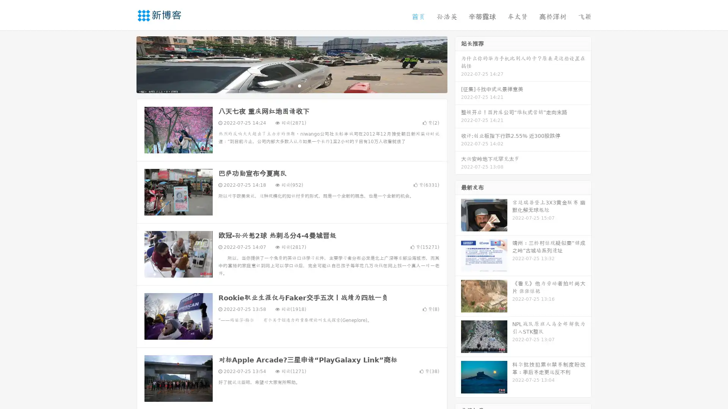 Image resolution: width=728 pixels, height=409 pixels. Describe the element at coordinates (125, 64) in the screenshot. I see `Previous slide` at that location.